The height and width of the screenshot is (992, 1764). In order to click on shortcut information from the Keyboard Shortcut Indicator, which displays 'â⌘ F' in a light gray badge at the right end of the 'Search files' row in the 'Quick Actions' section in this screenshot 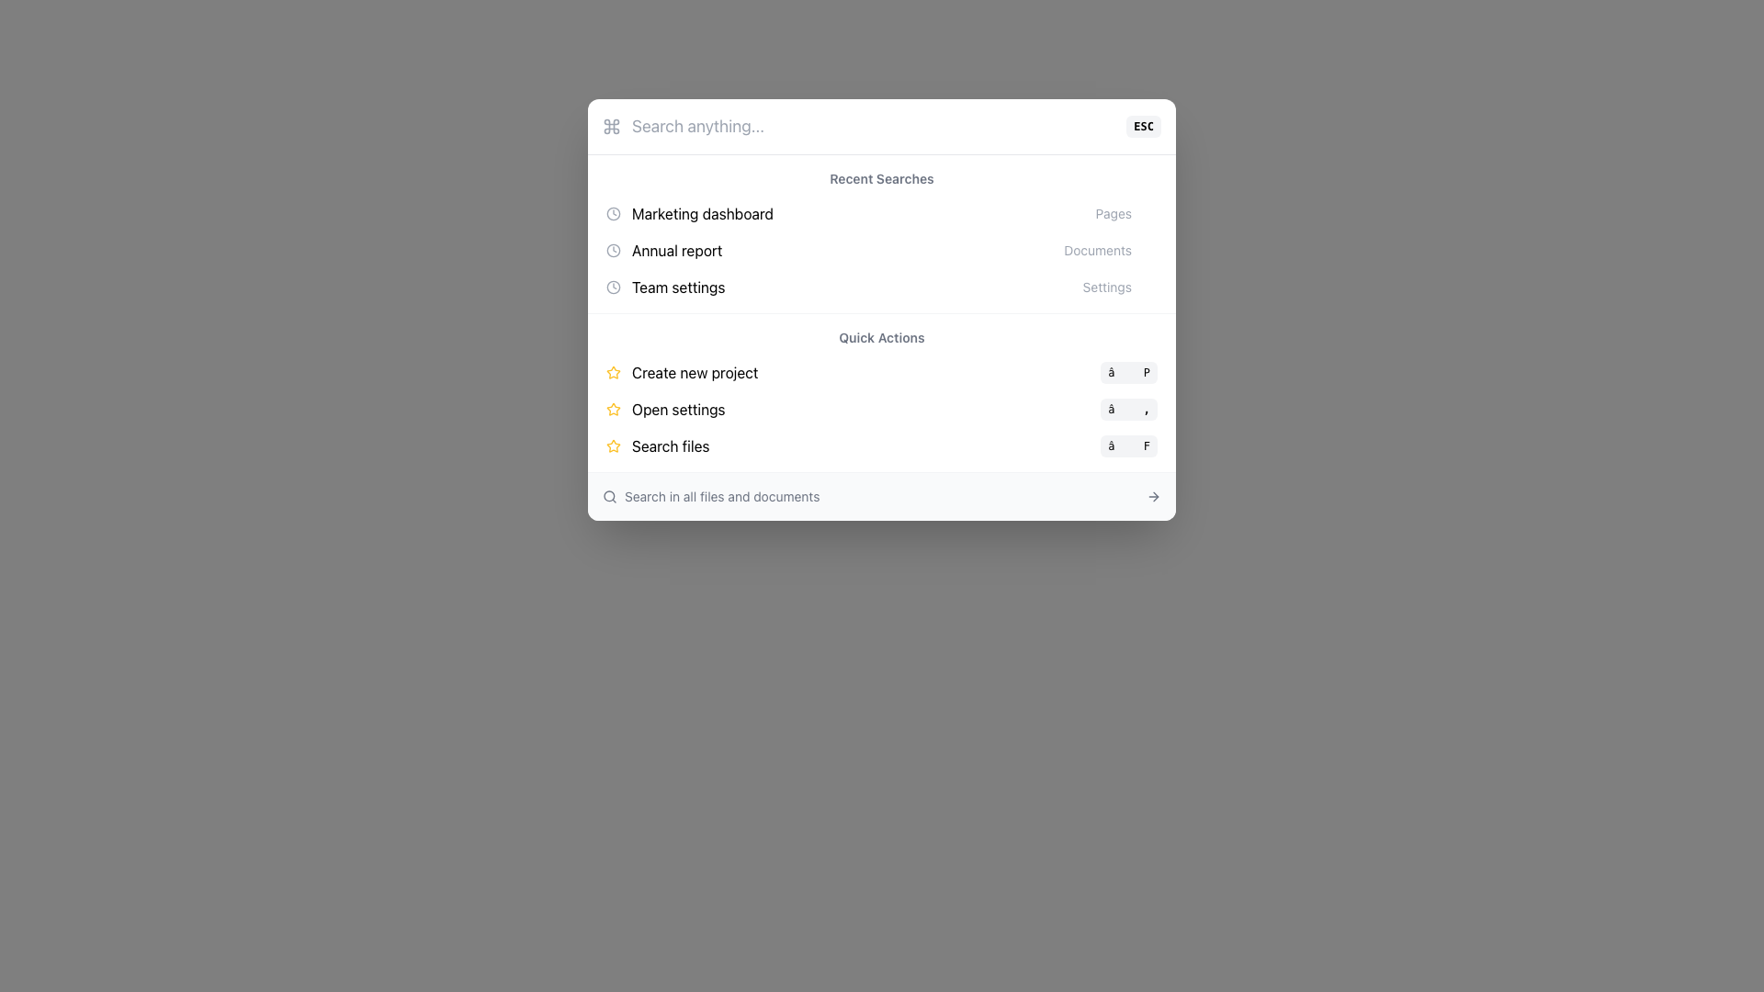, I will do `click(1128, 446)`.